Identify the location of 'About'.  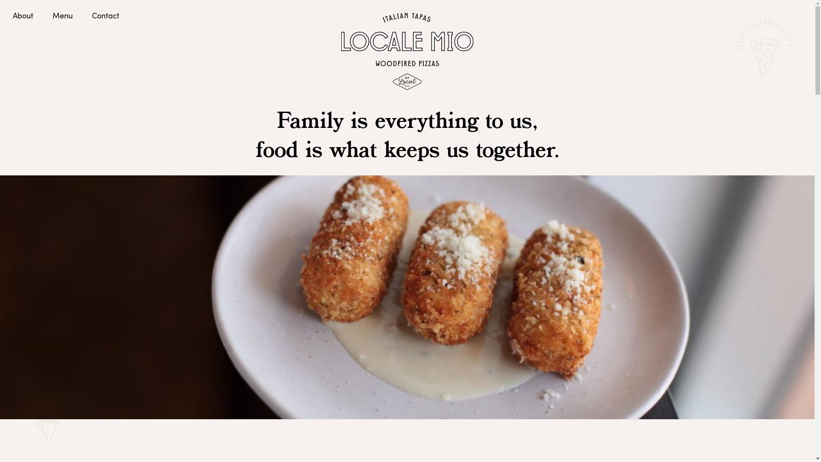
(23, 15).